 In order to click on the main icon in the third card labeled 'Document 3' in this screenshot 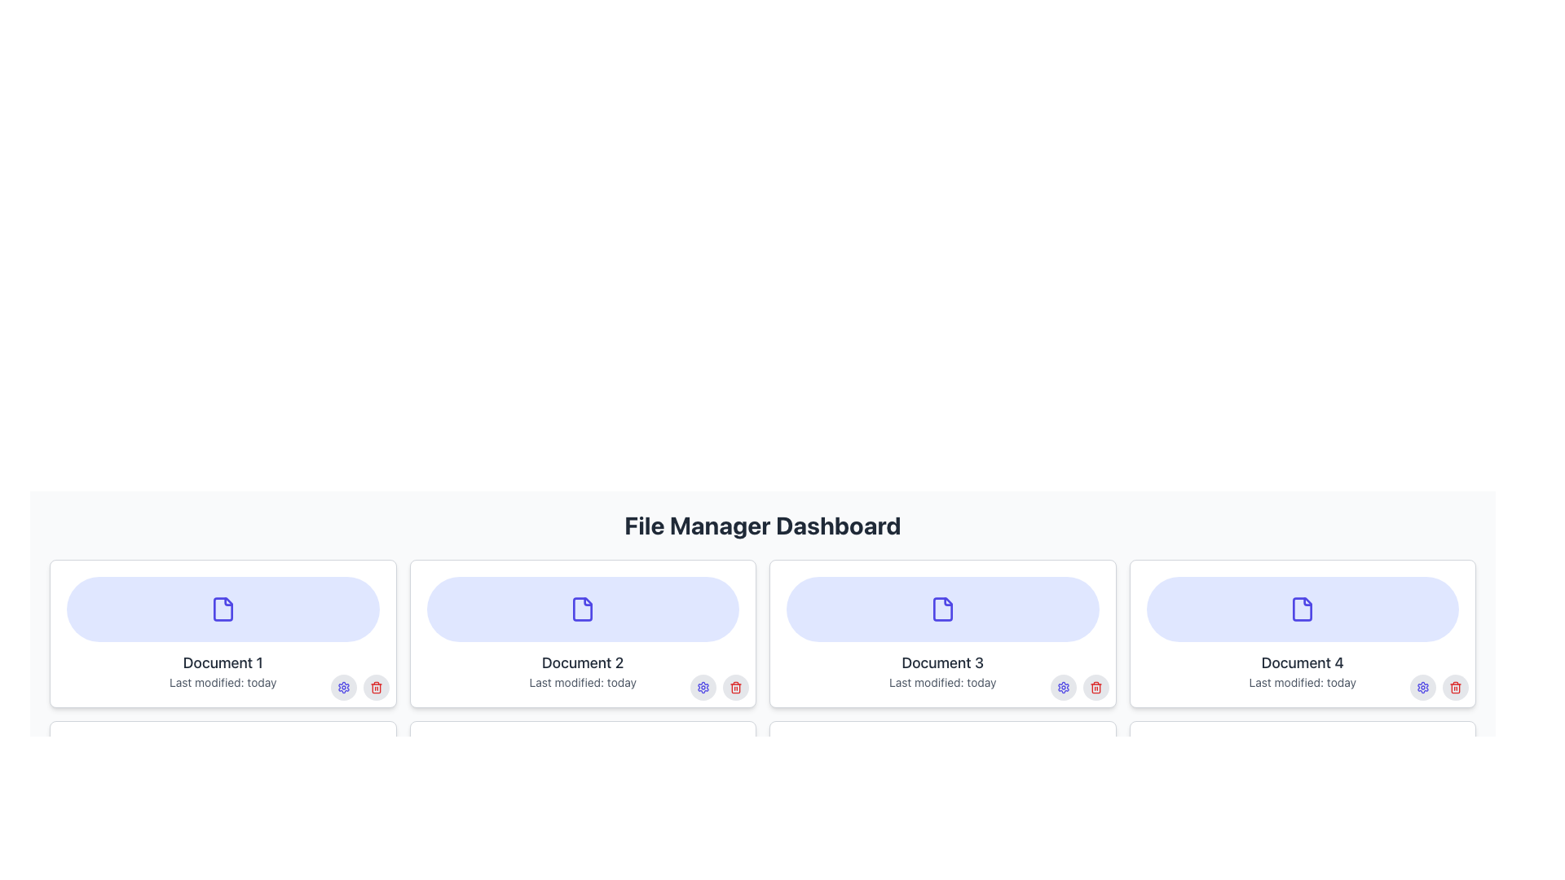, I will do `click(942, 609)`.